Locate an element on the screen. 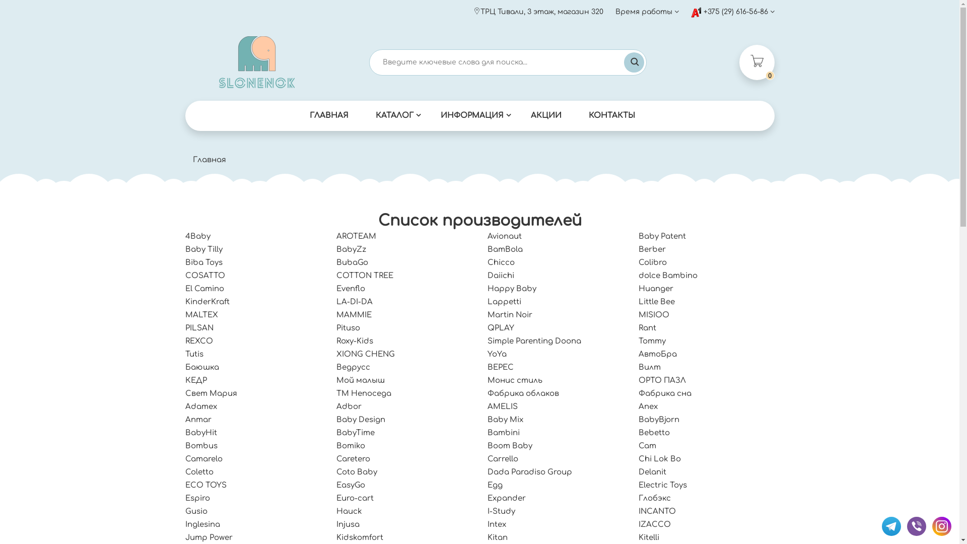 The width and height of the screenshot is (967, 544). 'I-Study' is located at coordinates (488, 511).